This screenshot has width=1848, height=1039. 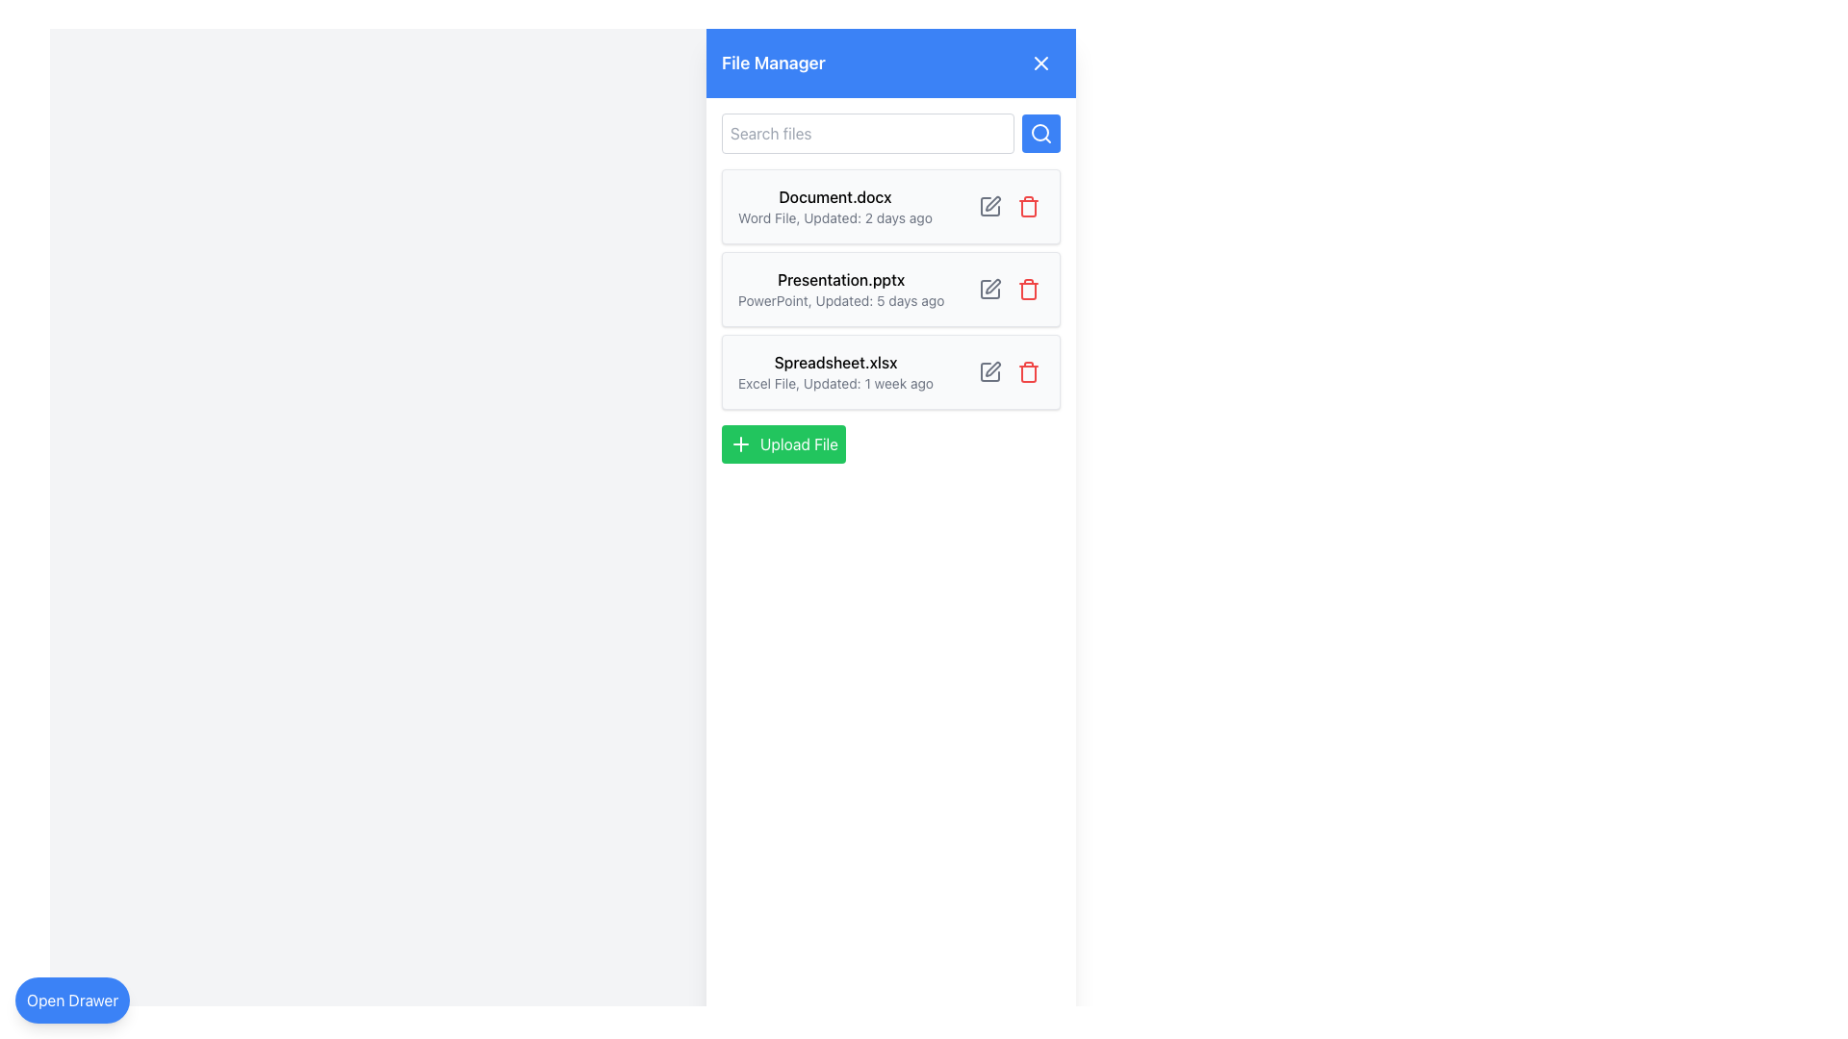 What do you see at coordinates (992, 204) in the screenshot?
I see `the edit icon resembling an angled pen located to the right of 'Presentation.pptx' in the file management interface to invoke the edit action for the adjacent file` at bounding box center [992, 204].